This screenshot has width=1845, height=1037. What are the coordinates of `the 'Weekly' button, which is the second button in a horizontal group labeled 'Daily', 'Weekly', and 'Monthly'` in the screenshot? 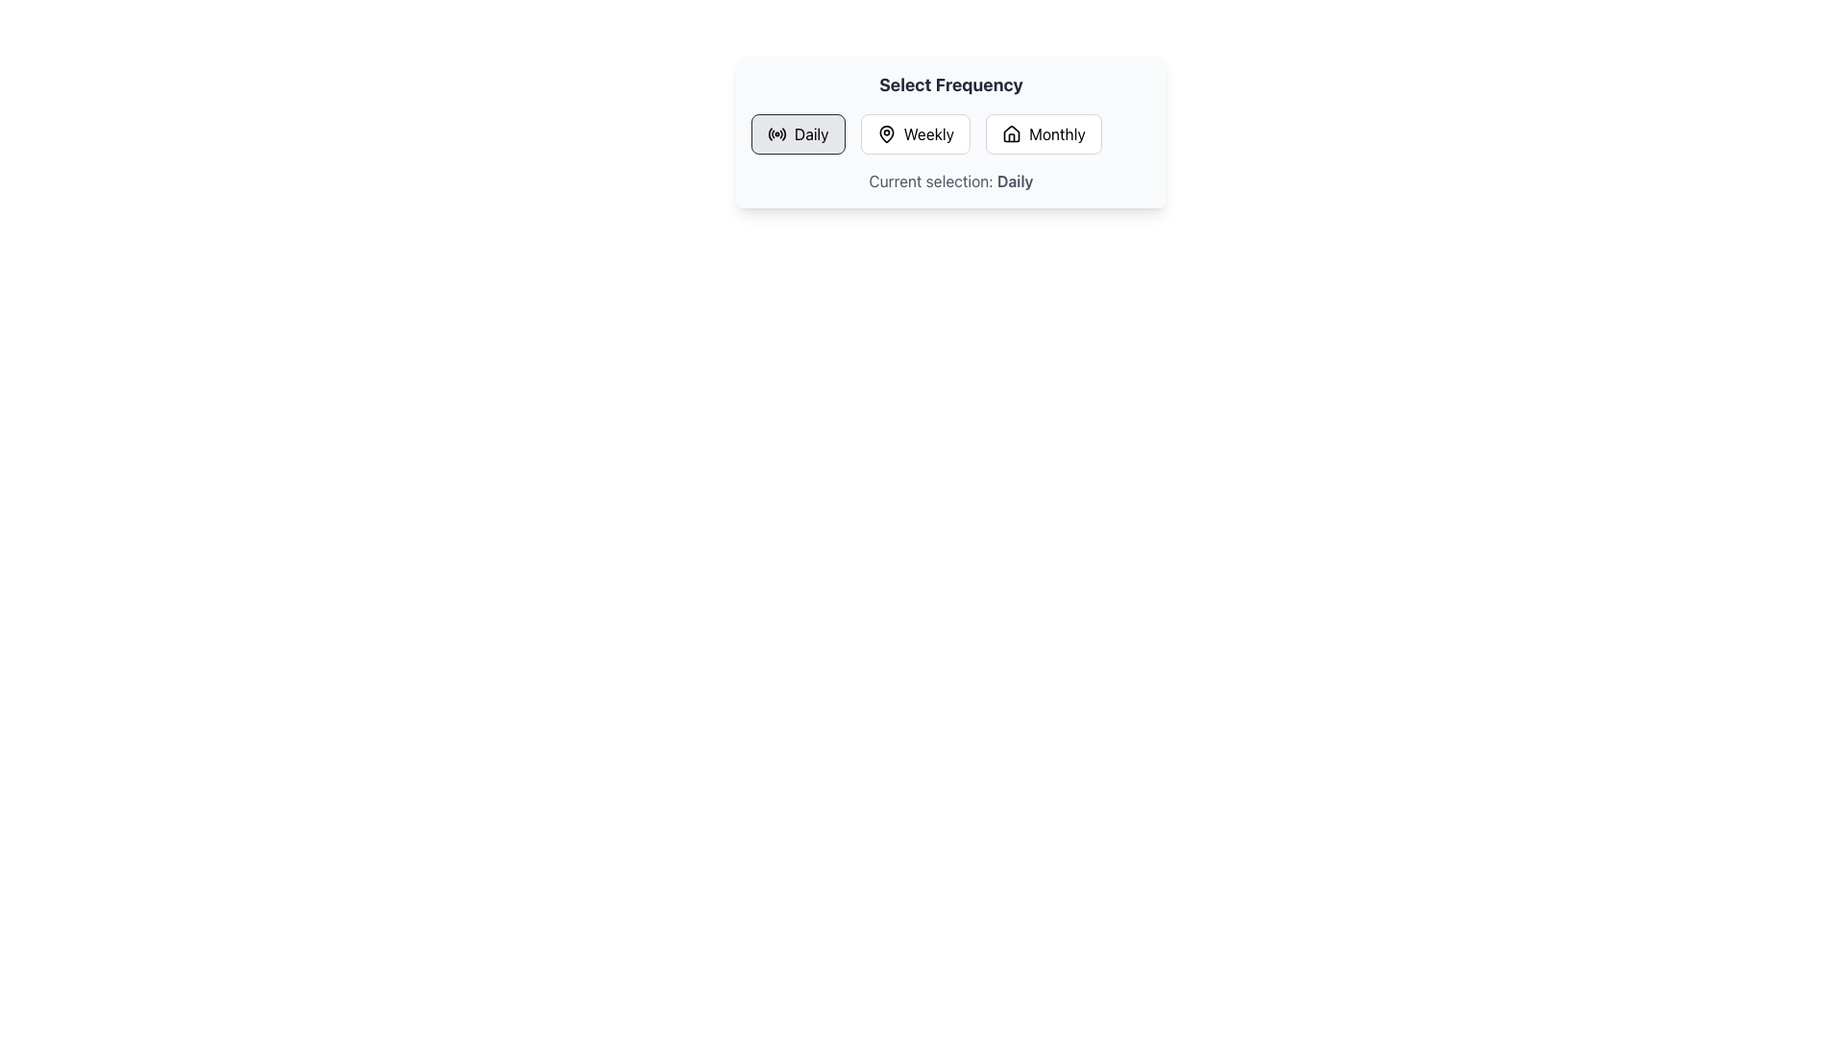 It's located at (914, 133).